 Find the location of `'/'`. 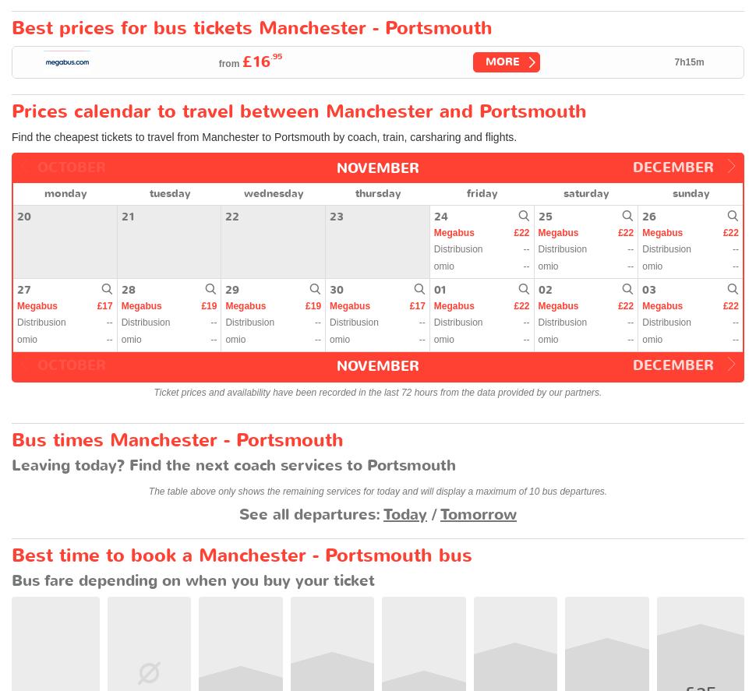

'/' is located at coordinates (433, 513).